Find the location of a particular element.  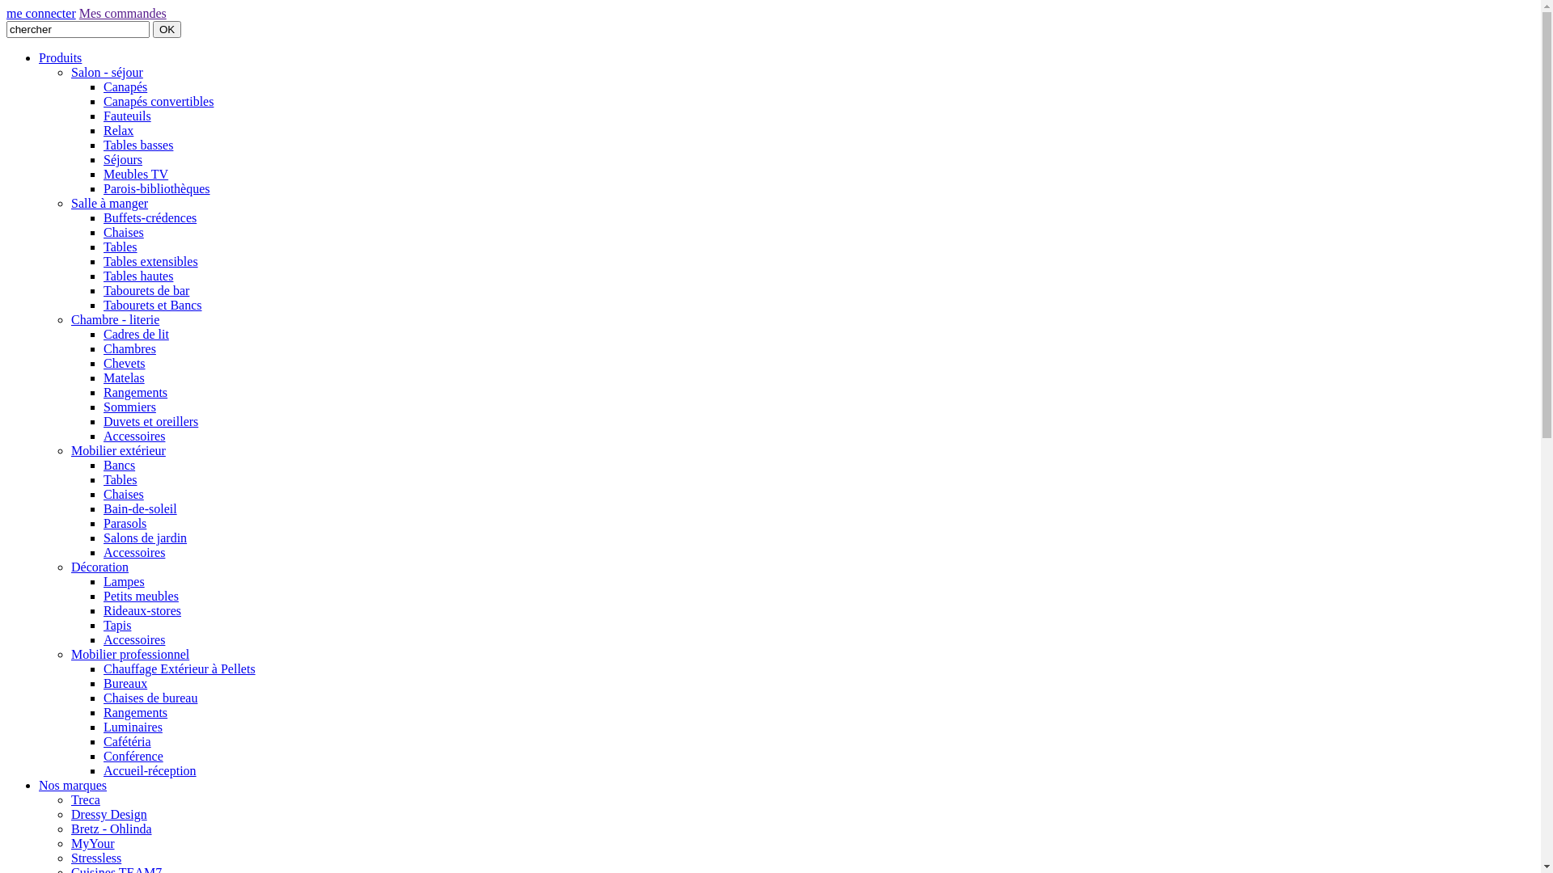

'Tabourets et Bancs' is located at coordinates (152, 305).